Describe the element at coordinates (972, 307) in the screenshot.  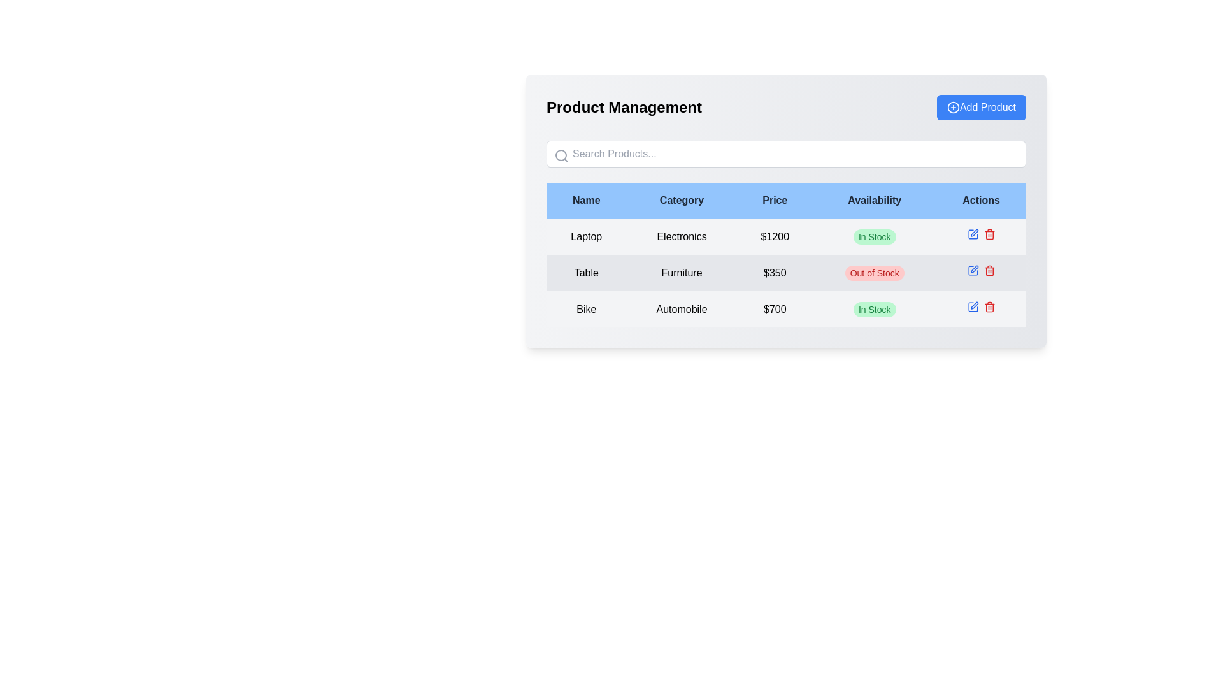
I see `the edit icon for the 'Bike' product located in the 'Actions' column of the table by` at that location.